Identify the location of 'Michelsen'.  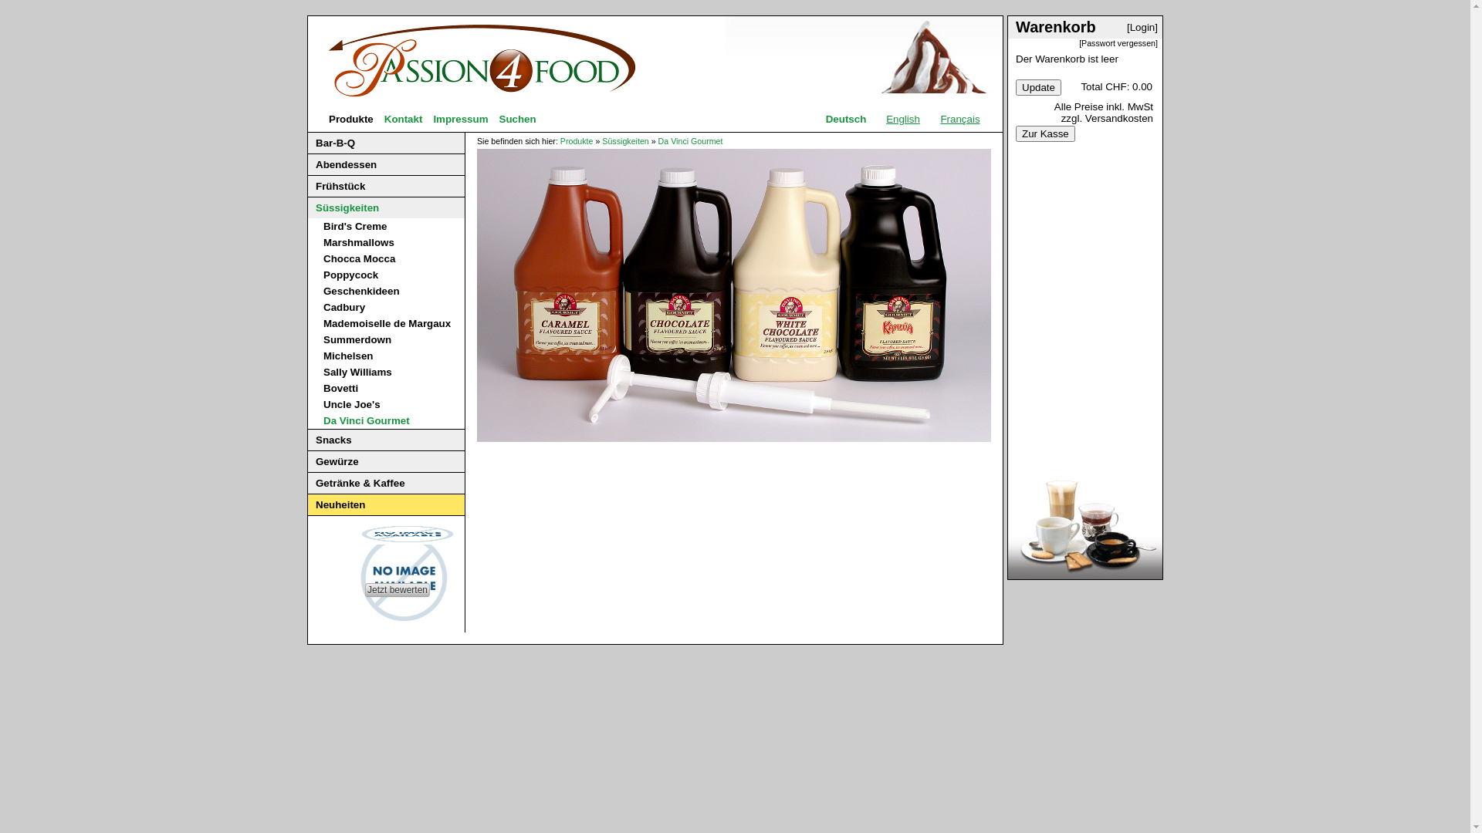
(347, 356).